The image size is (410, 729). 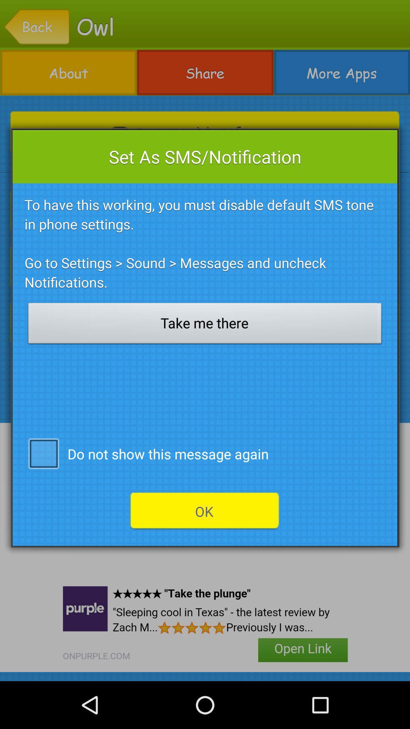 What do you see at coordinates (43, 453) in the screenshot?
I see `icon to the left of do not show` at bounding box center [43, 453].